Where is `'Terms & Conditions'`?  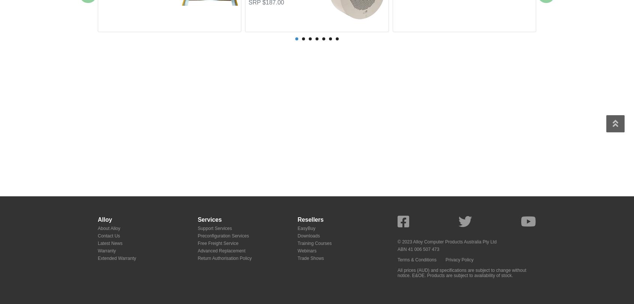
'Terms & Conditions' is located at coordinates (417, 259).